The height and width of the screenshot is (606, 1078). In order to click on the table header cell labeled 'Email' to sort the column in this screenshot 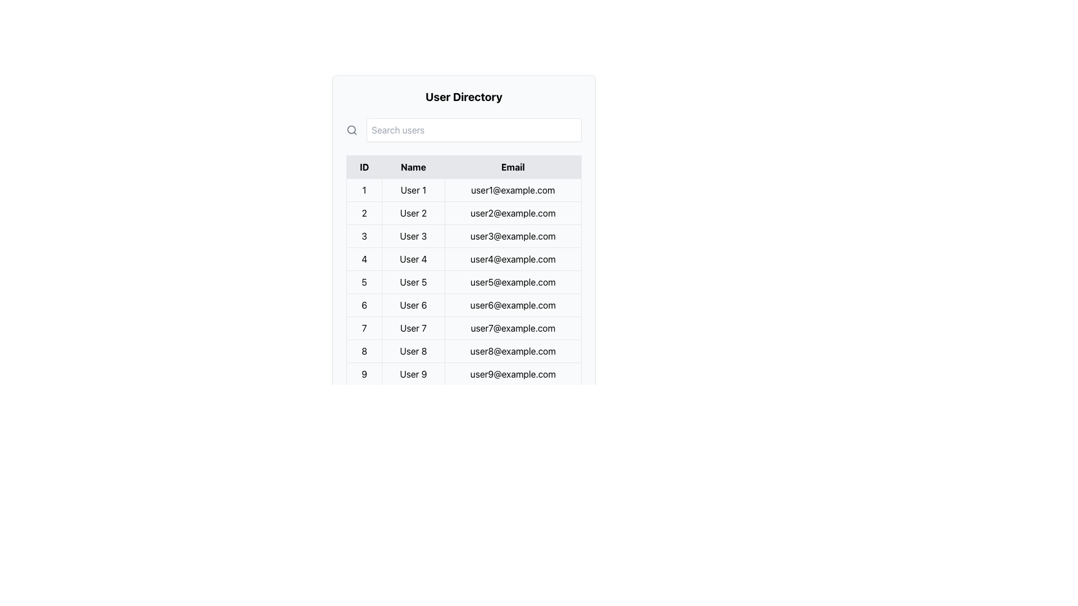, I will do `click(512, 167)`.